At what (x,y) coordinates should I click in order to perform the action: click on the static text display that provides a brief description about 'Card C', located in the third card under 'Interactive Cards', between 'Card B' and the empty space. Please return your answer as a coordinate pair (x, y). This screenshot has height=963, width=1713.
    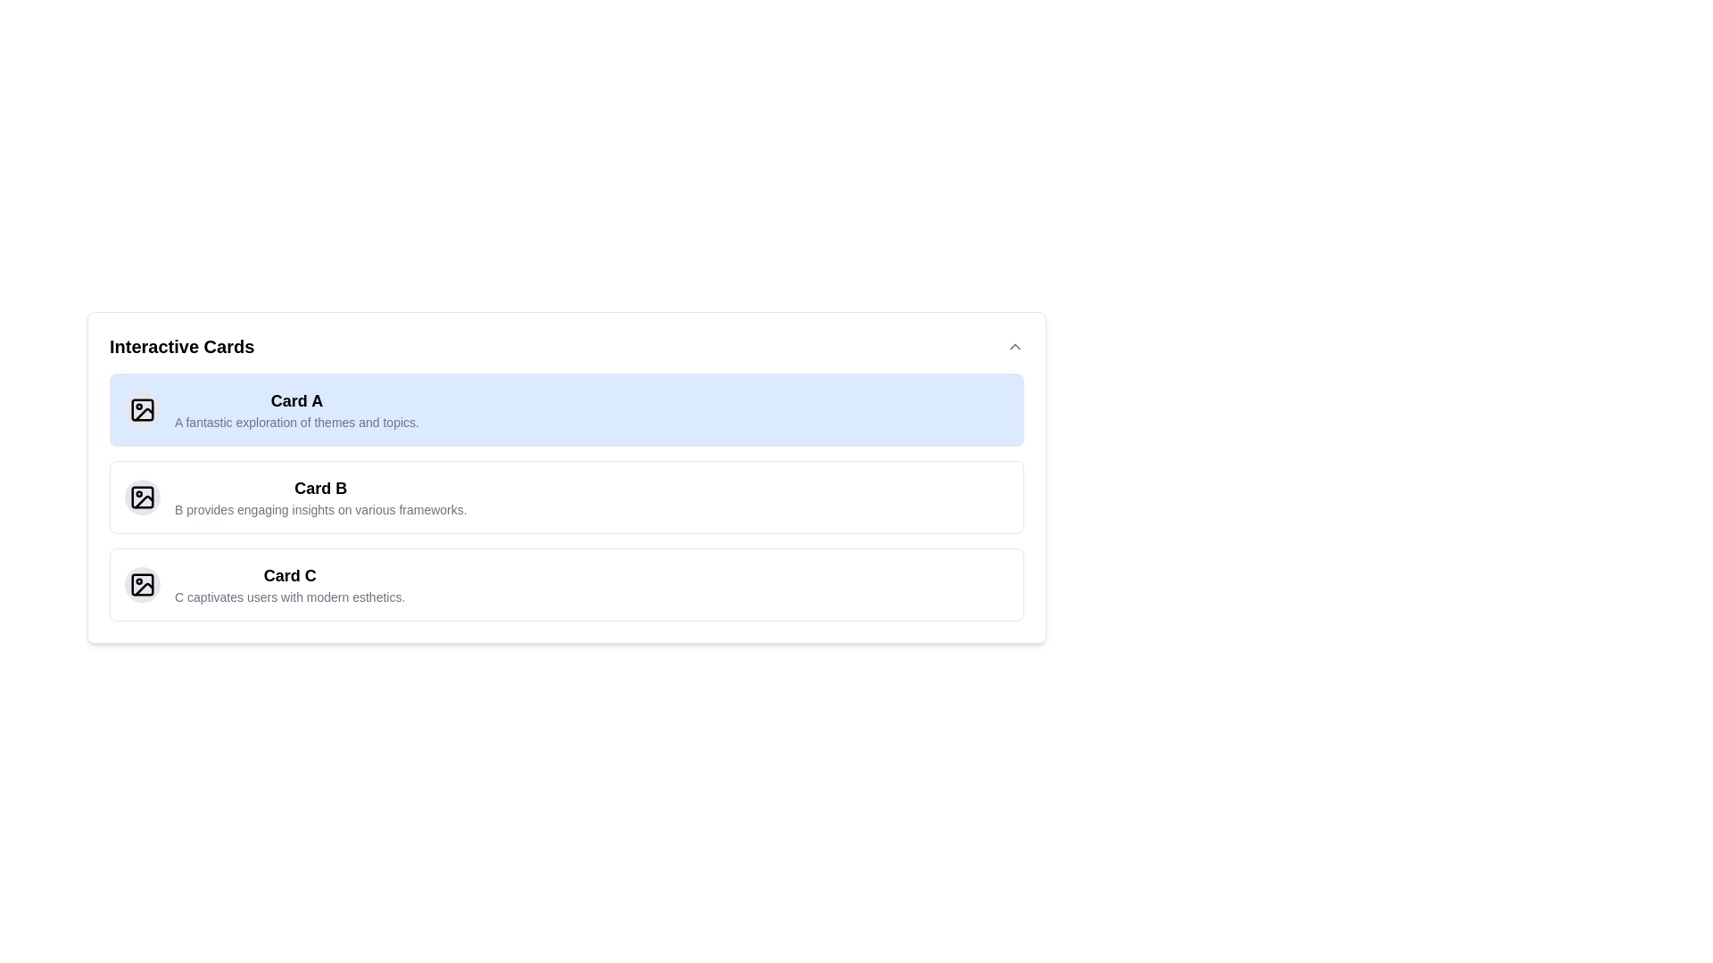
    Looking at the image, I should click on (290, 584).